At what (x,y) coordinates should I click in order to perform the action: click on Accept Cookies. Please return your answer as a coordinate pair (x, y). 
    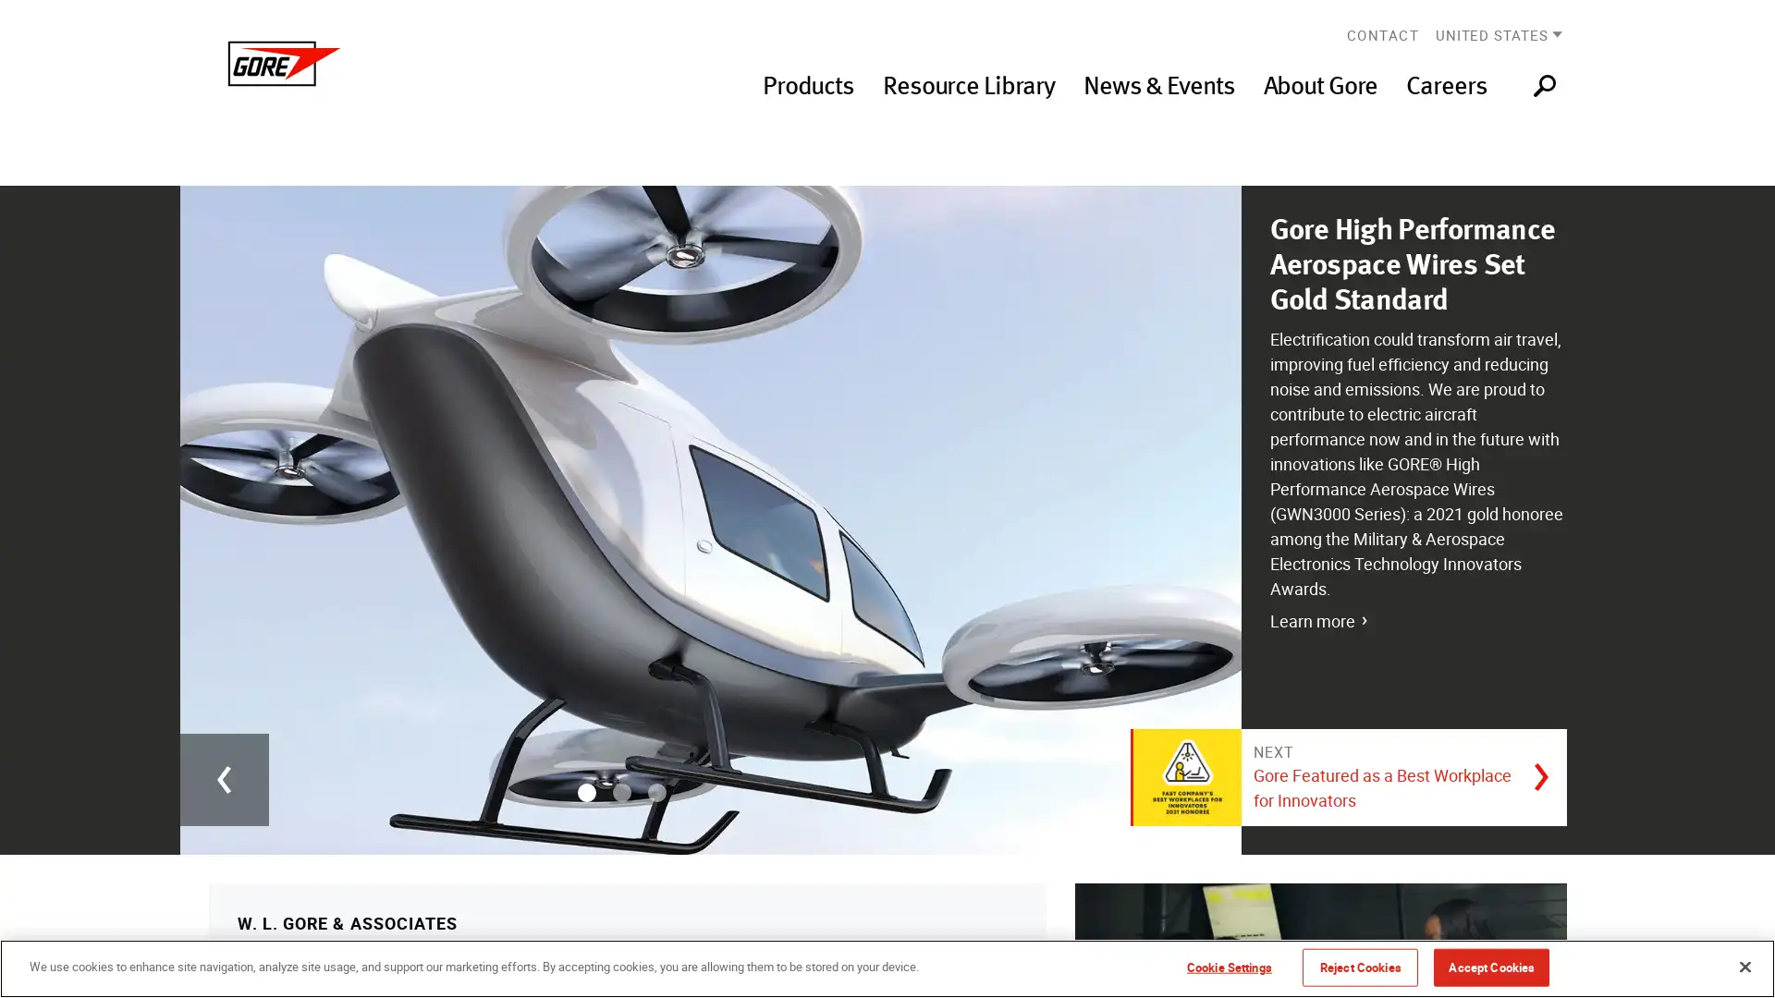
    Looking at the image, I should click on (1491, 966).